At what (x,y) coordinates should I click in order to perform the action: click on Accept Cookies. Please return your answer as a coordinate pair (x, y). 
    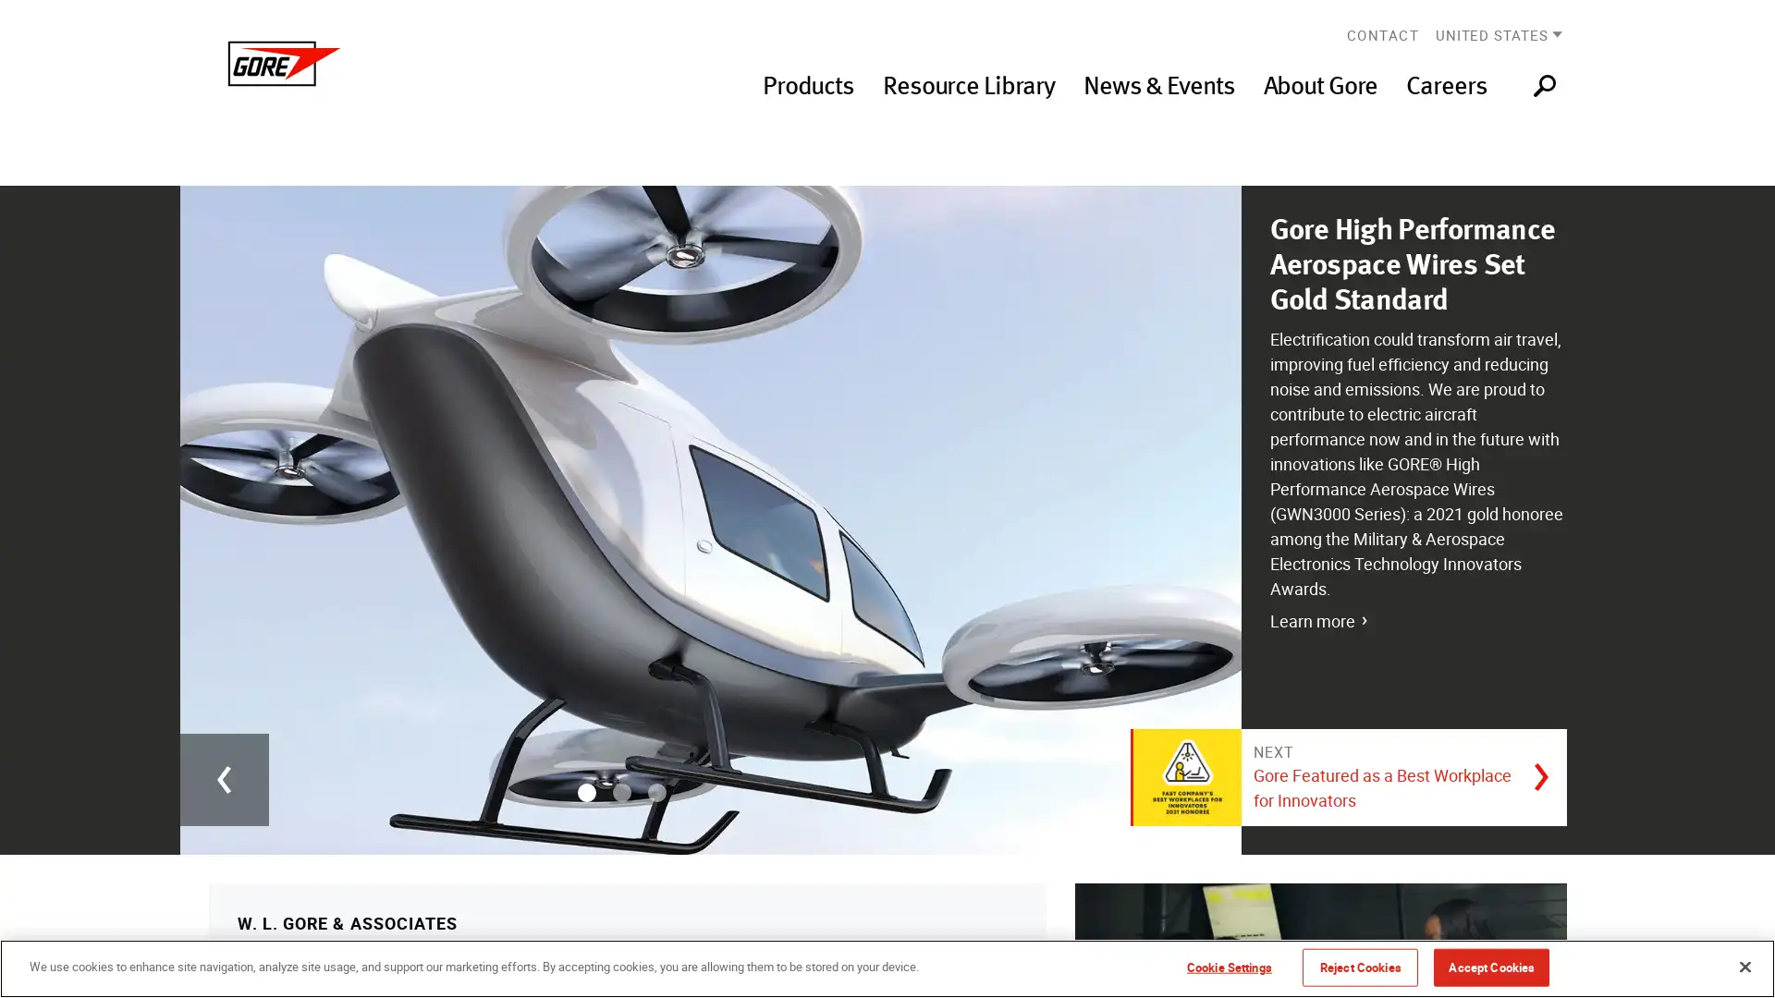
    Looking at the image, I should click on (1491, 966).